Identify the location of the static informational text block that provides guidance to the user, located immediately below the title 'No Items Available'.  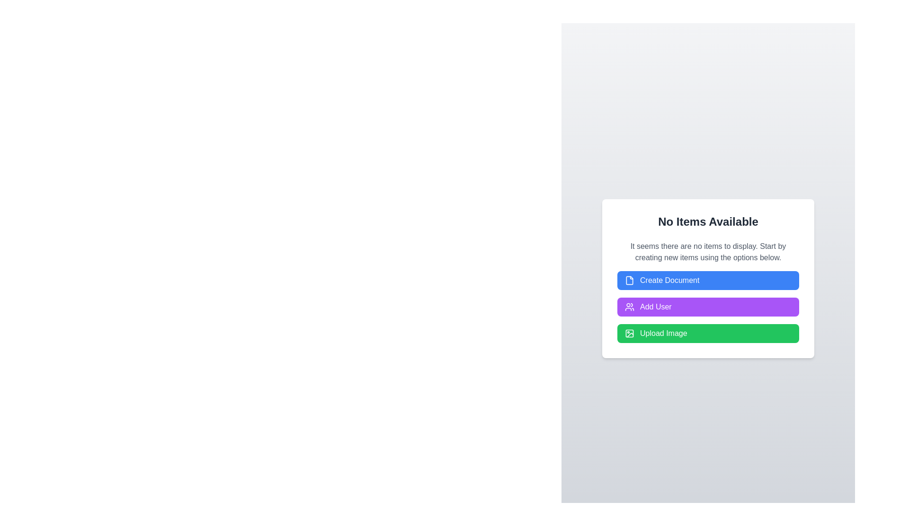
(708, 251).